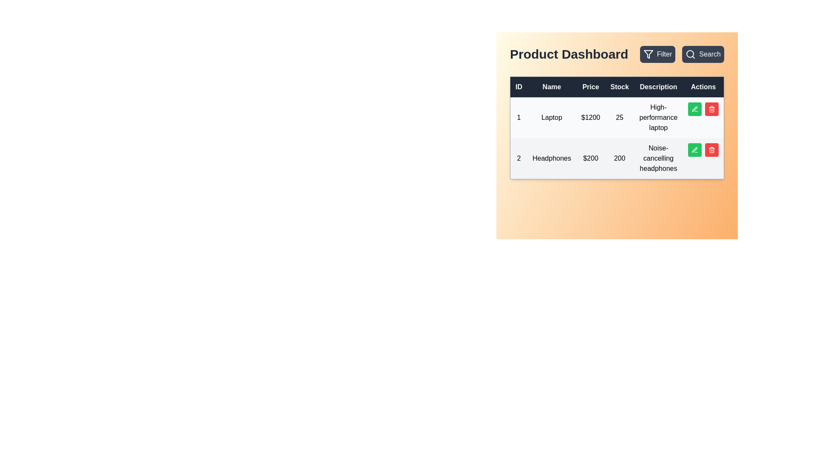  What do you see at coordinates (590, 159) in the screenshot?
I see `the static text label displaying the price '$200' in the 'Price' column of the table for the second product entry 'Headphones'` at bounding box center [590, 159].